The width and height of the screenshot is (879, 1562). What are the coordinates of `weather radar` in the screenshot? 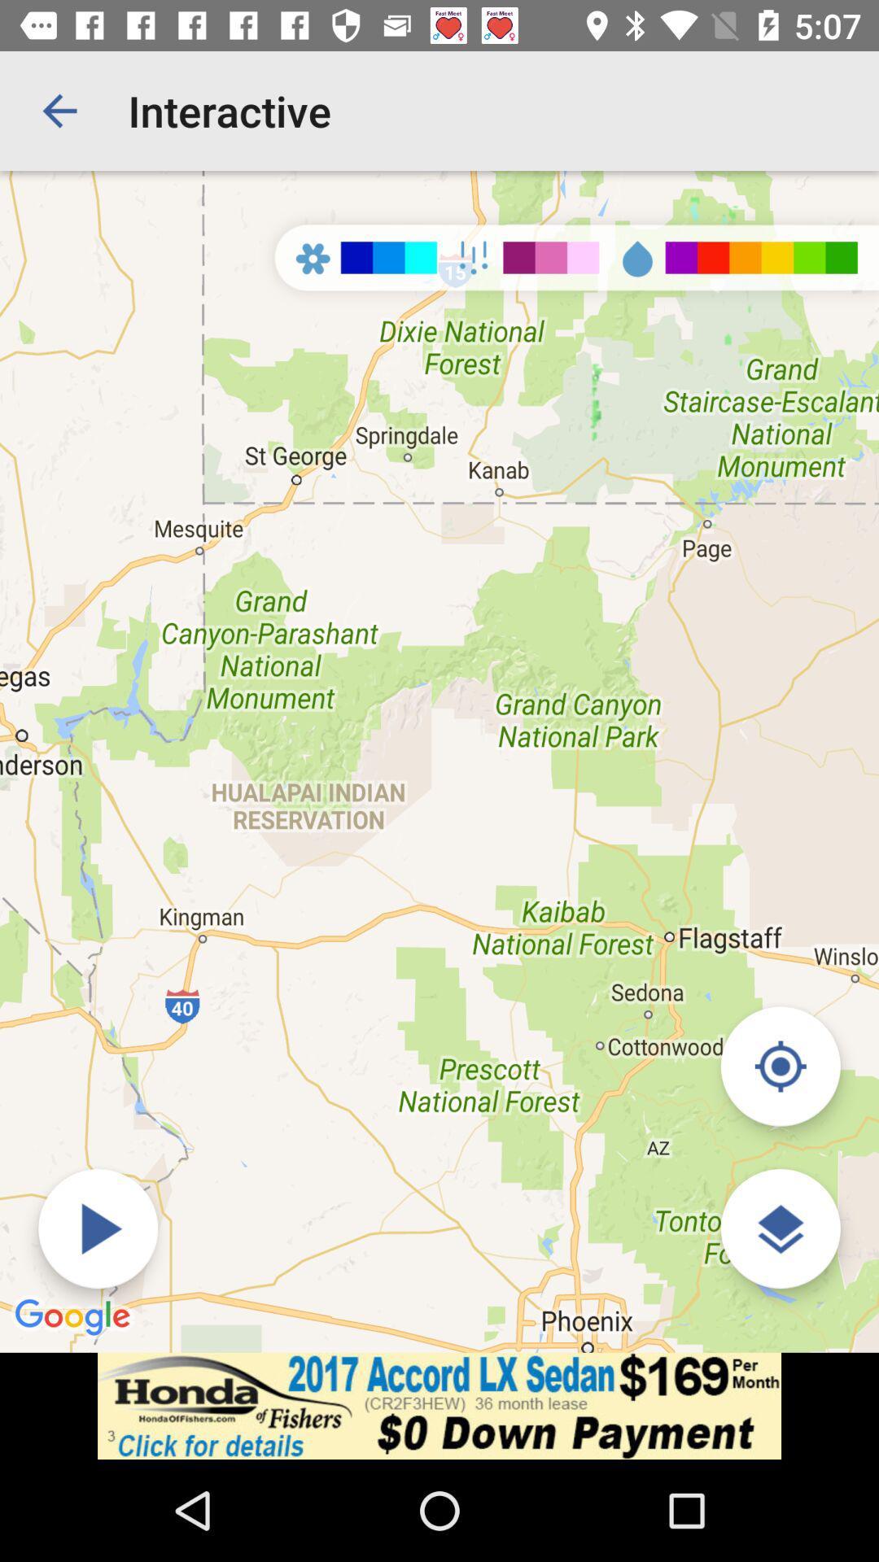 It's located at (98, 1228).